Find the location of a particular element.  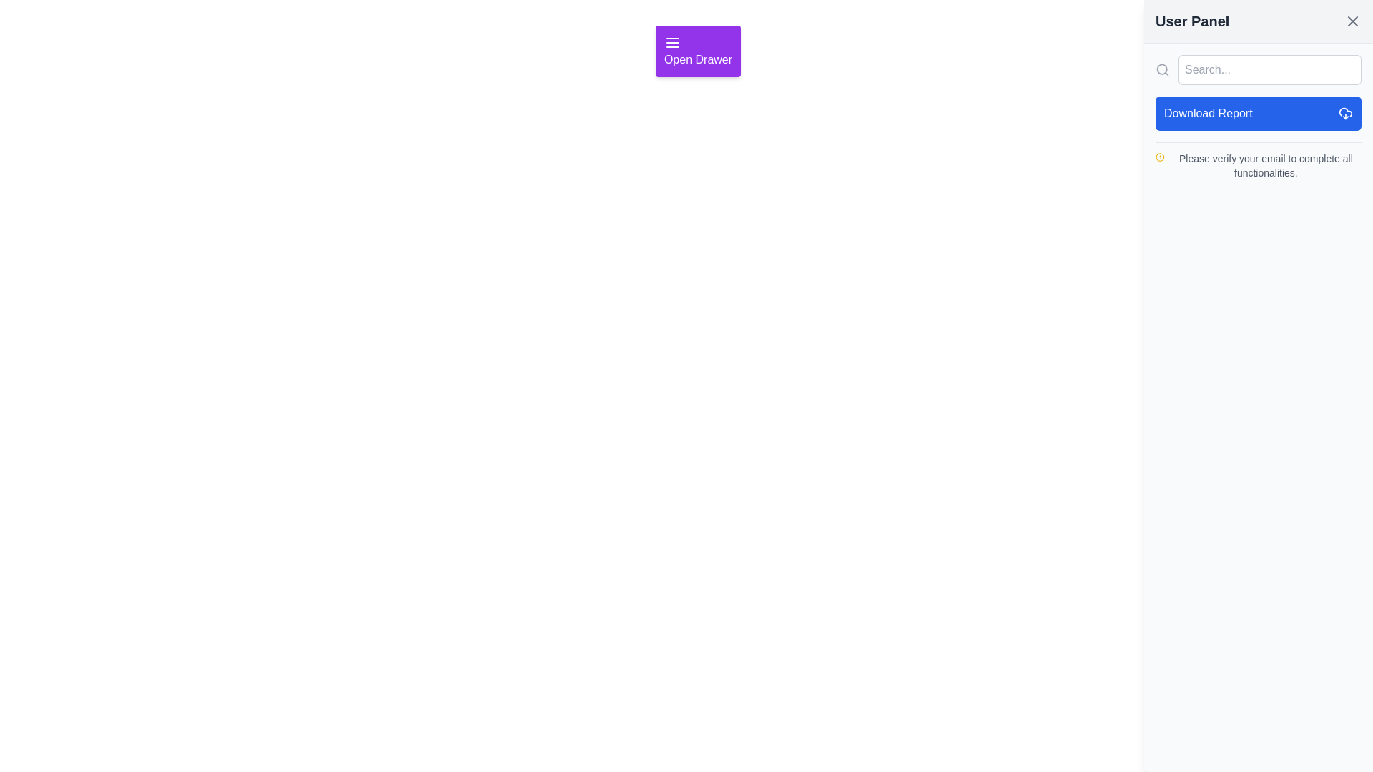

notification message that prompts the user to verify their email, located below the 'Download Report' button in the User Panel is located at coordinates (1259, 161).